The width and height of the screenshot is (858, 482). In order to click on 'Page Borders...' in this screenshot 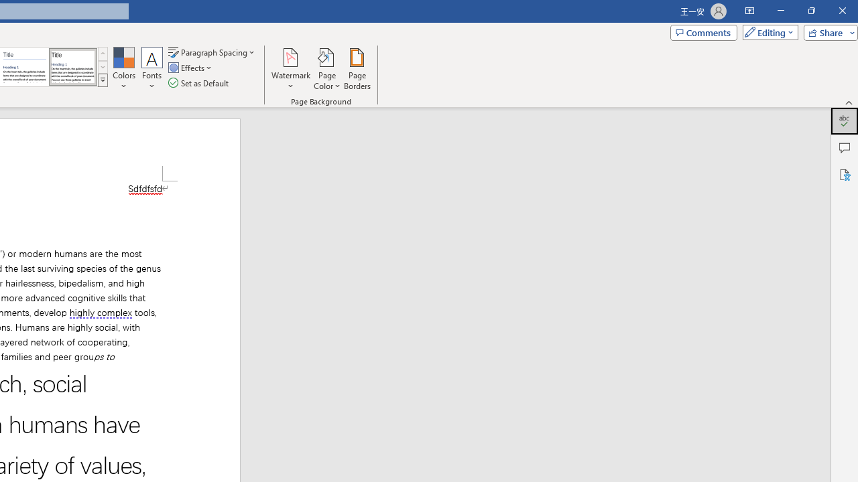, I will do `click(357, 69)`.